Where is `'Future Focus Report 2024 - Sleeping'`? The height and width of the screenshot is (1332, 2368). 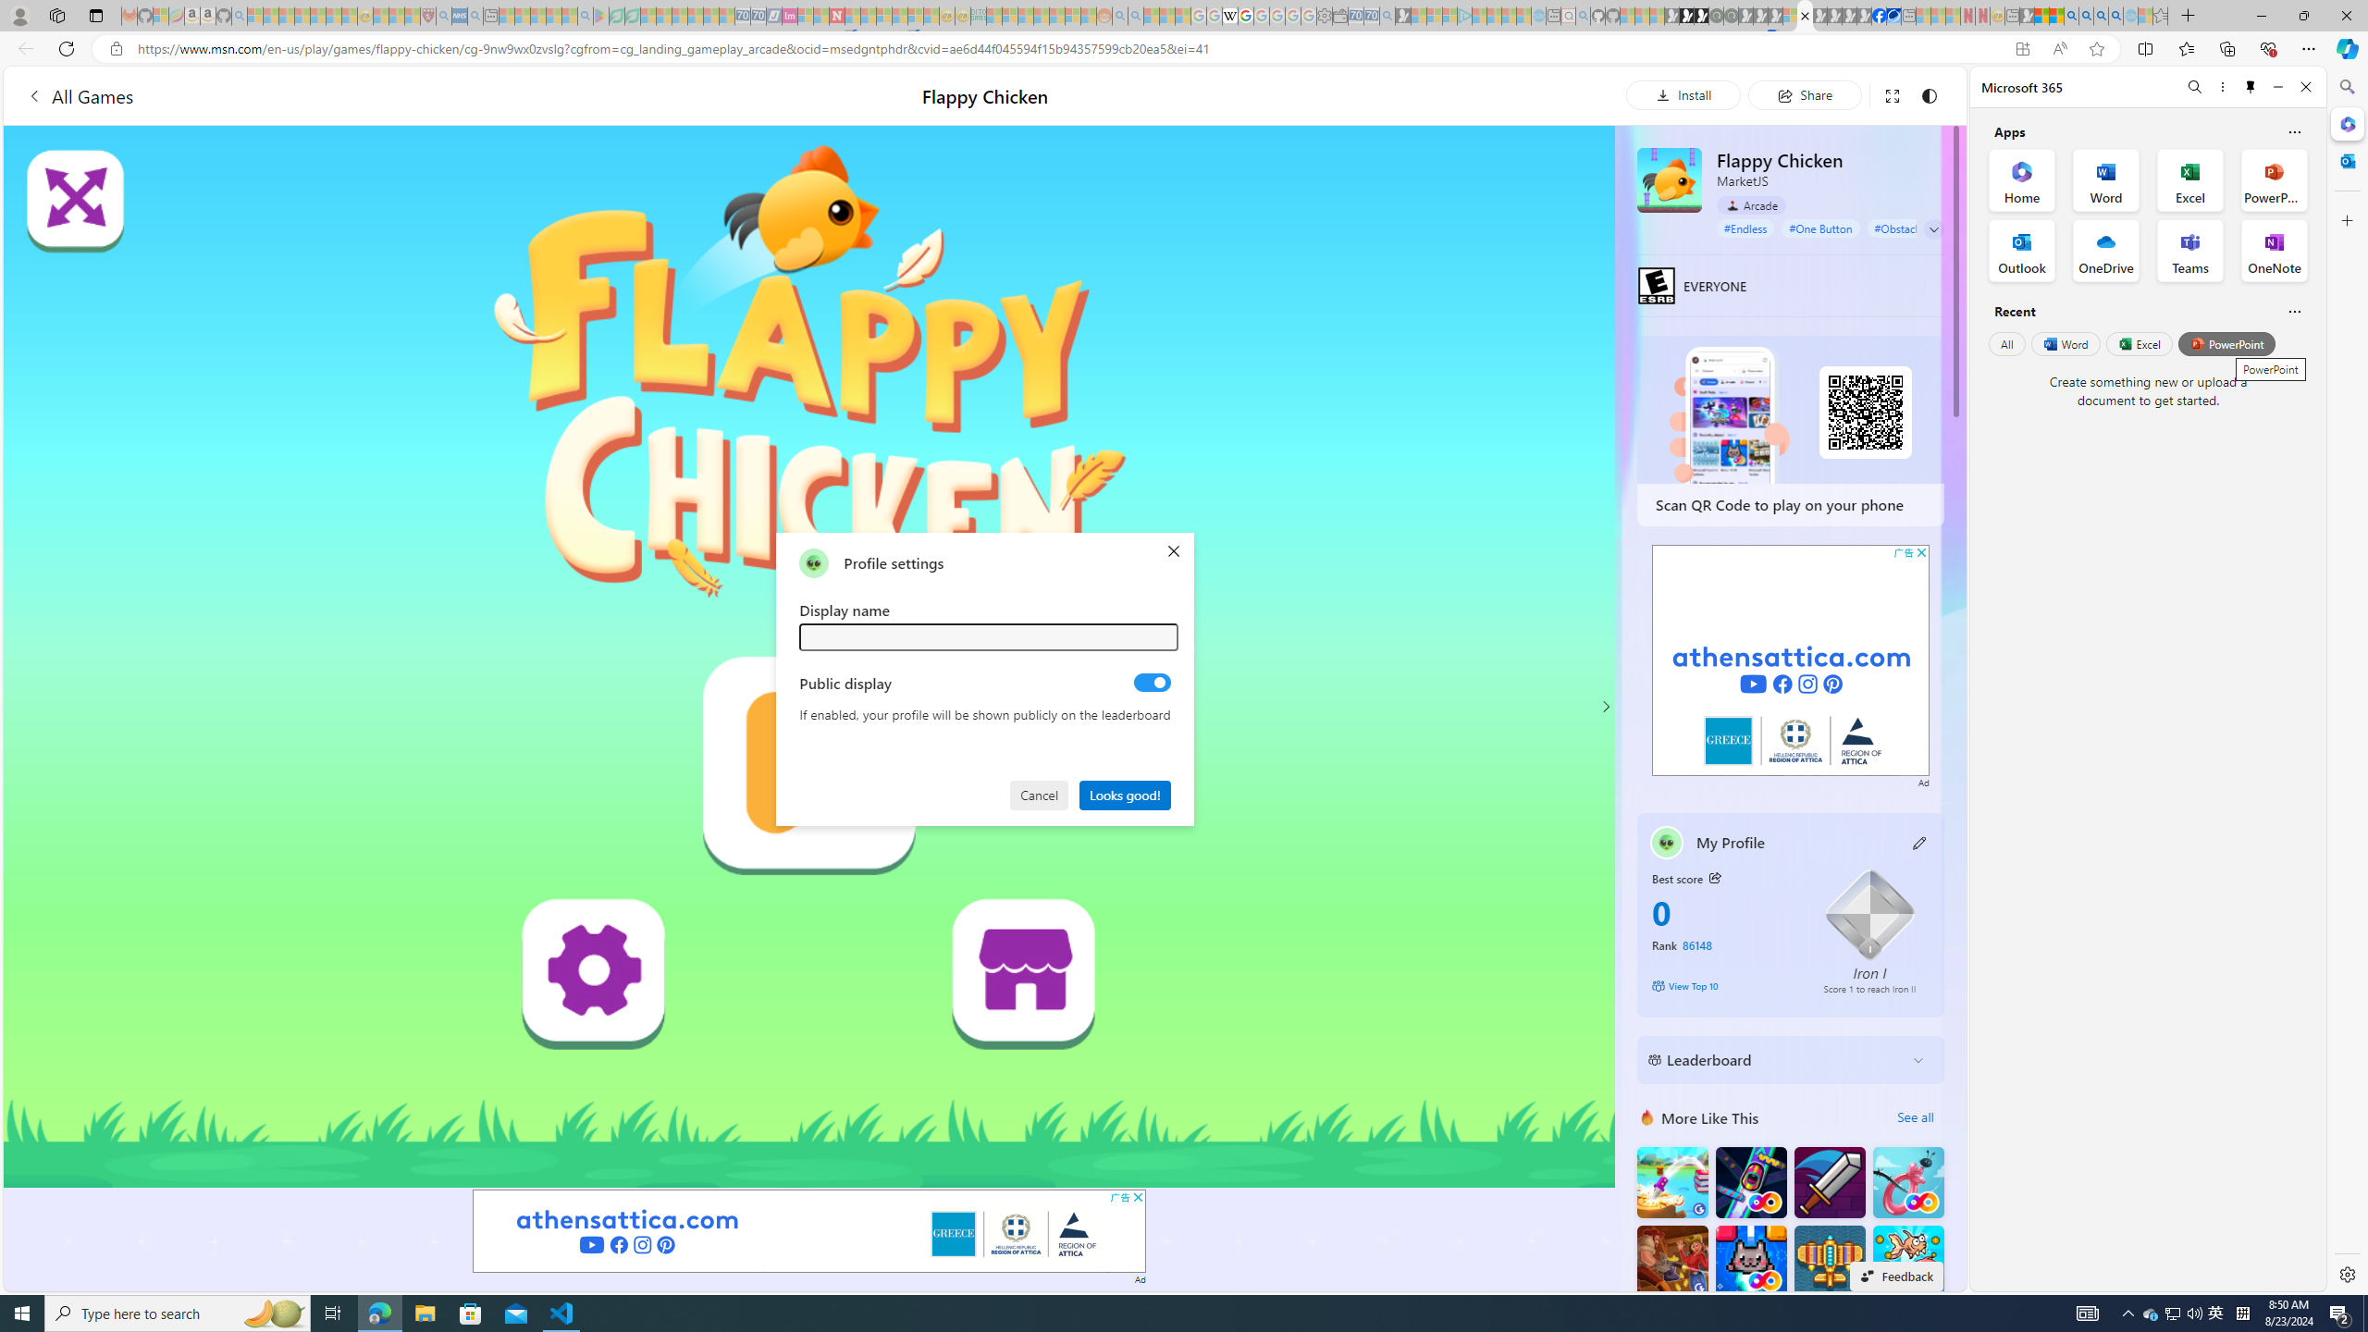 'Future Focus Report 2024 - Sleeping' is located at coordinates (1731, 15).